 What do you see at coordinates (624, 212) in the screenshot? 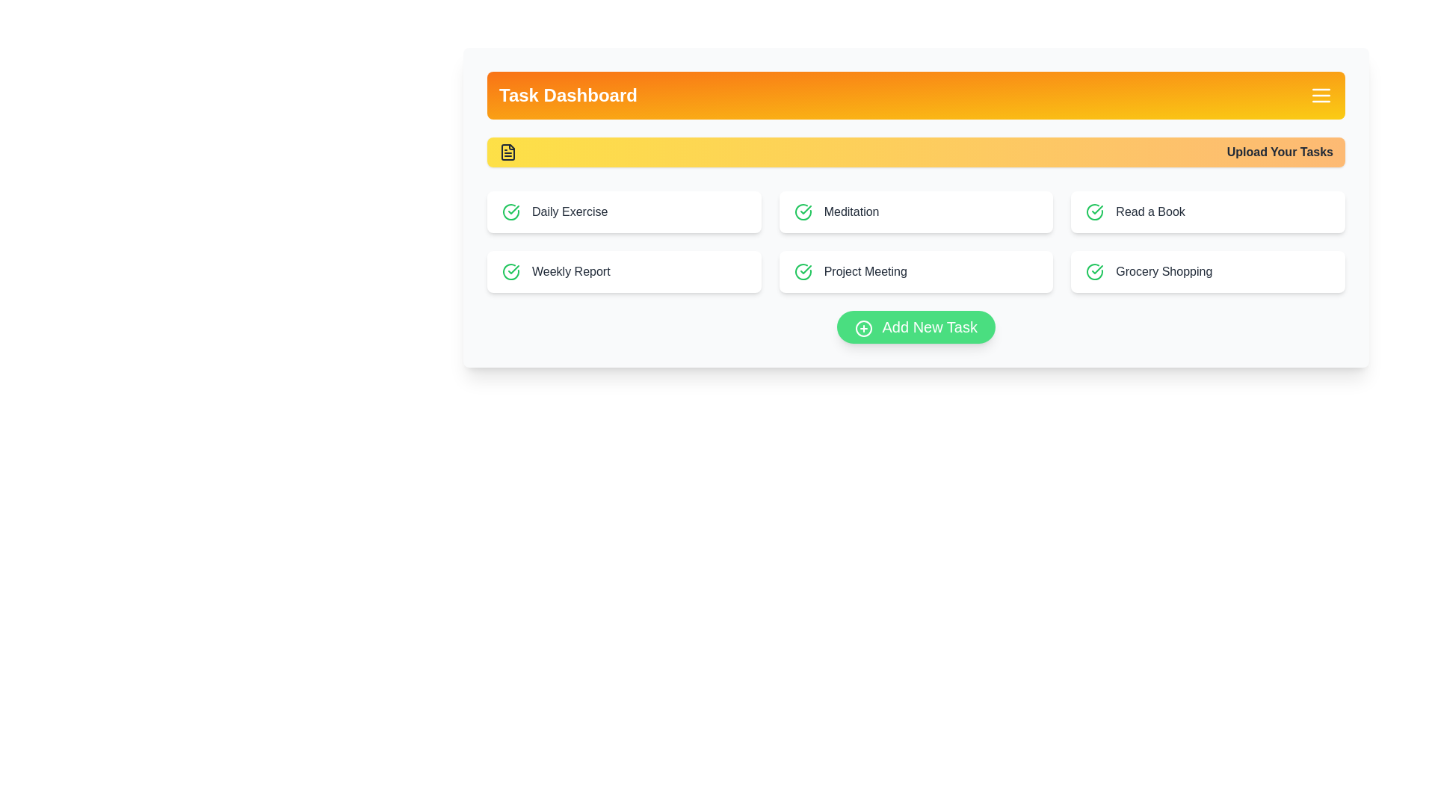
I see `the task 'Daily Exercise' from the task list` at bounding box center [624, 212].